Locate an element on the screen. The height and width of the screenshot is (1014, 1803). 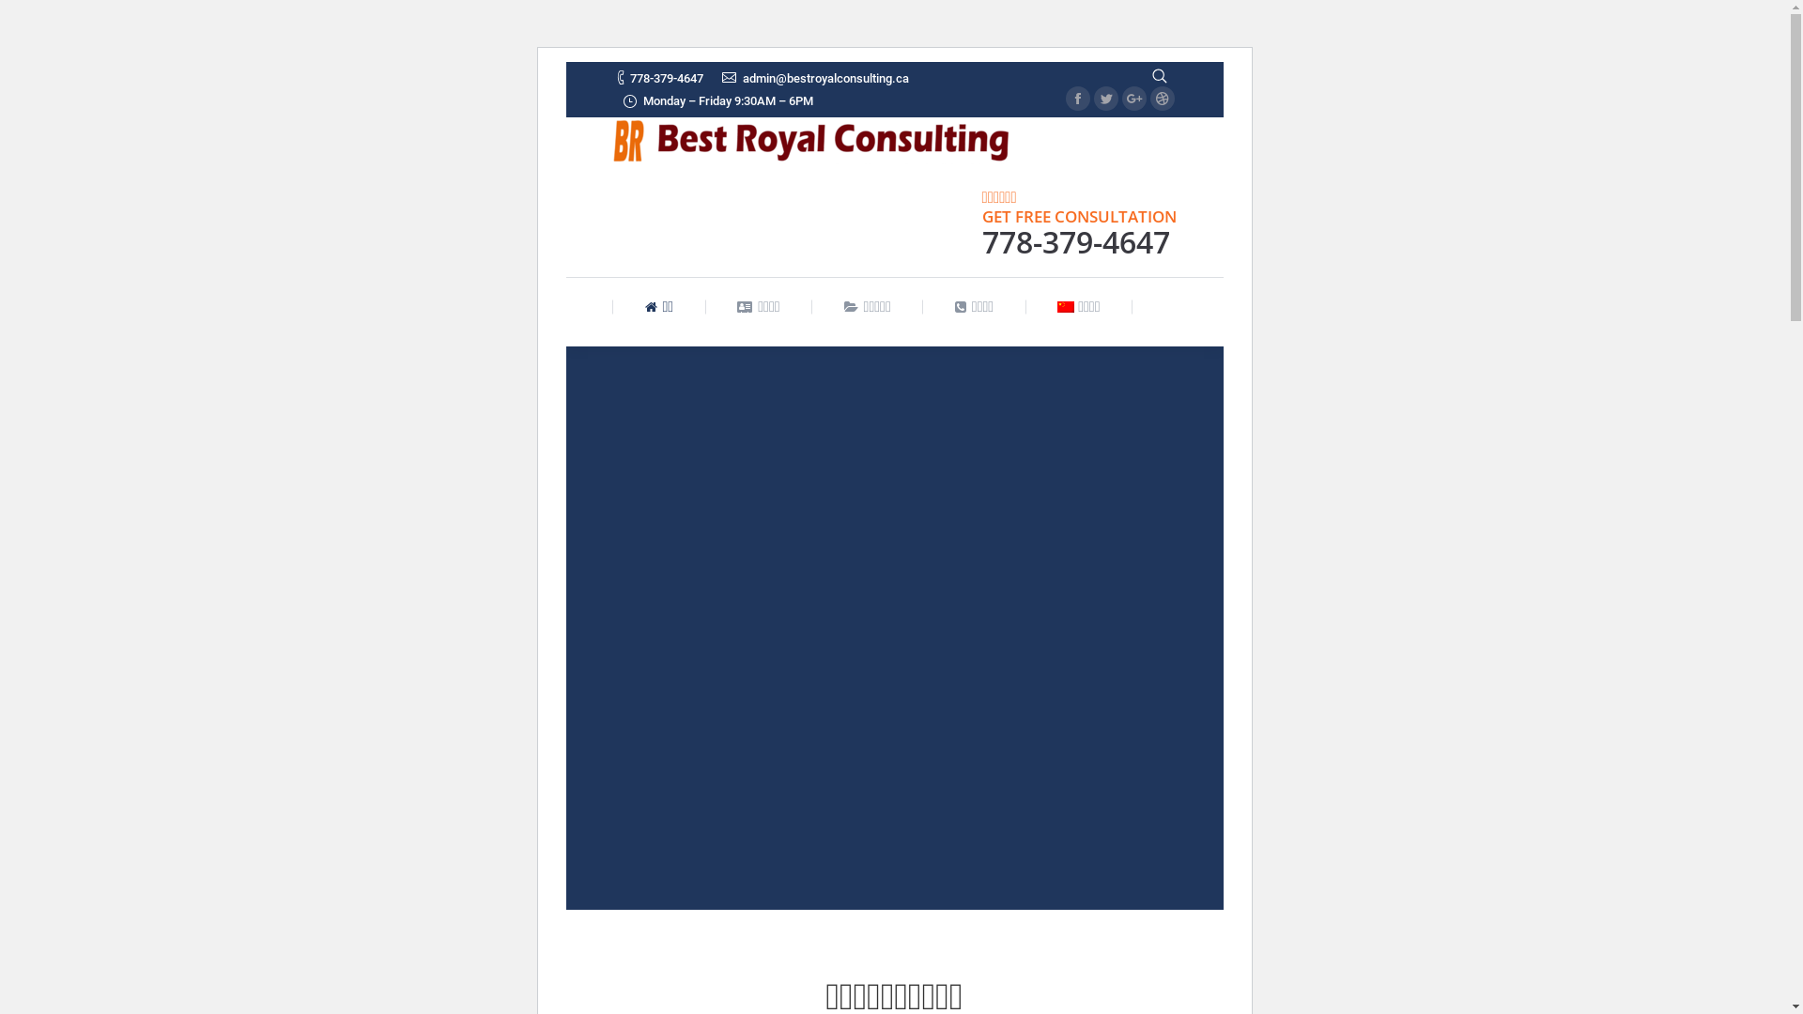
'Go!' is located at coordinates (26, 18).